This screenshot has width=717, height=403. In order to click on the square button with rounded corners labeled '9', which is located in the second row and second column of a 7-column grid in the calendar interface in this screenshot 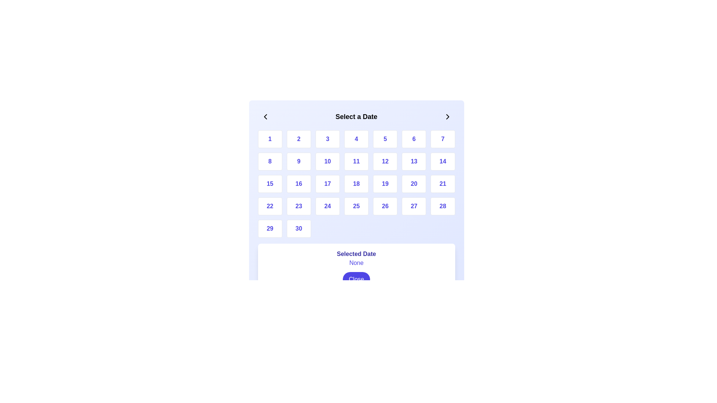, I will do `click(299, 161)`.